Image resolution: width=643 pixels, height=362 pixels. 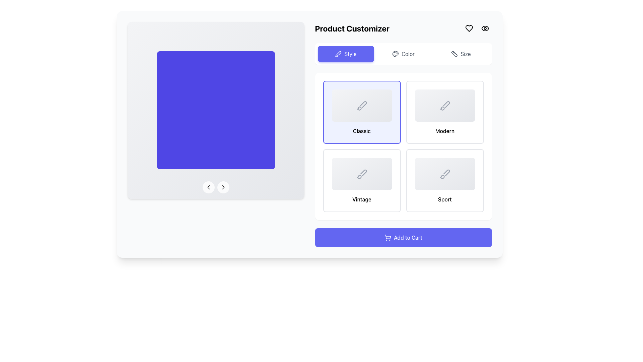 I want to click on the 'Modern' style selection button located in the rightmost column of the first row in a 2x2 grid of cards, so click(x=445, y=112).